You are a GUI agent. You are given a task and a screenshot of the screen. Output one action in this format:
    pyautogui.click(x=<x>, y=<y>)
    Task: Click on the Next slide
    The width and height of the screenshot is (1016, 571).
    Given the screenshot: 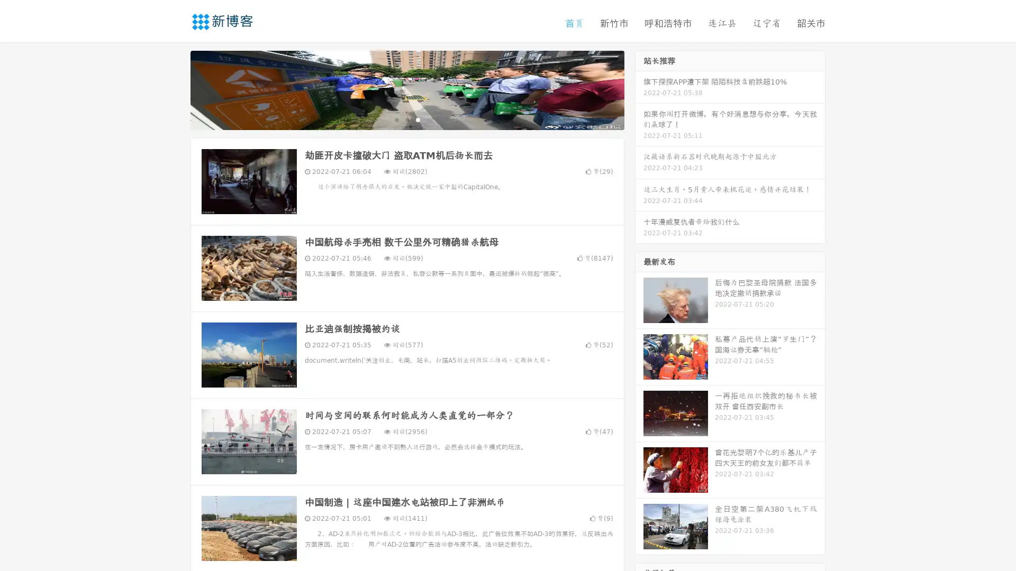 What is the action you would take?
    pyautogui.click(x=639, y=89)
    